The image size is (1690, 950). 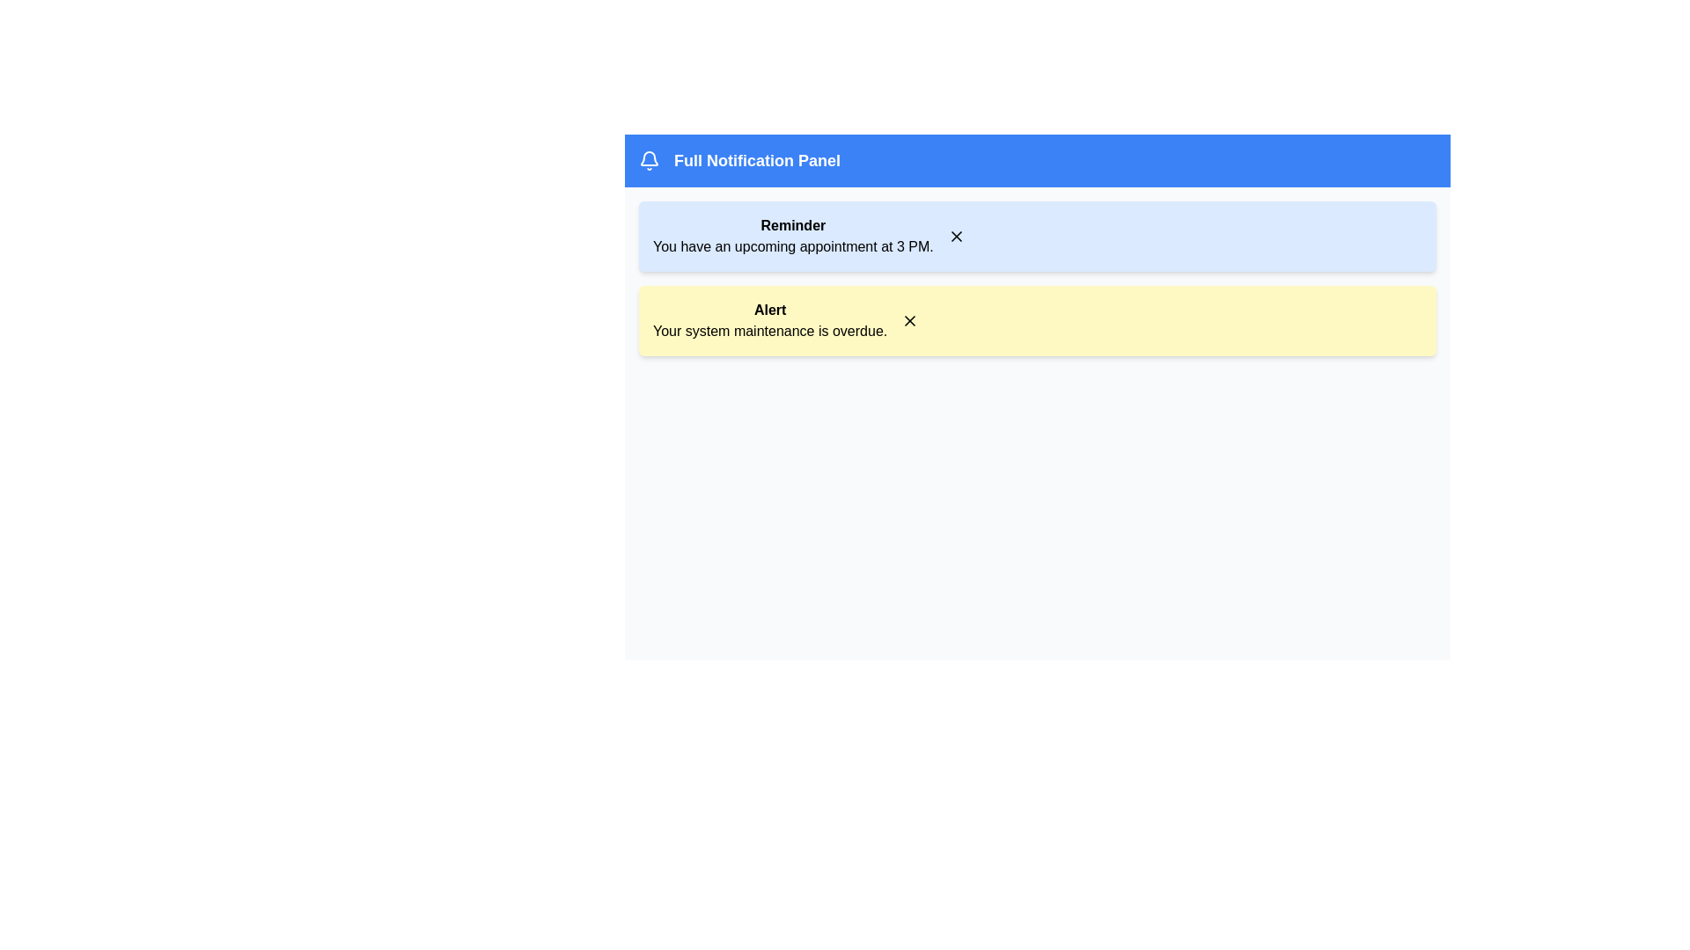 What do you see at coordinates (910, 321) in the screenshot?
I see `the close icon, which is an SVG-based graphical button located at the top-right corner of the Alert notification box` at bounding box center [910, 321].